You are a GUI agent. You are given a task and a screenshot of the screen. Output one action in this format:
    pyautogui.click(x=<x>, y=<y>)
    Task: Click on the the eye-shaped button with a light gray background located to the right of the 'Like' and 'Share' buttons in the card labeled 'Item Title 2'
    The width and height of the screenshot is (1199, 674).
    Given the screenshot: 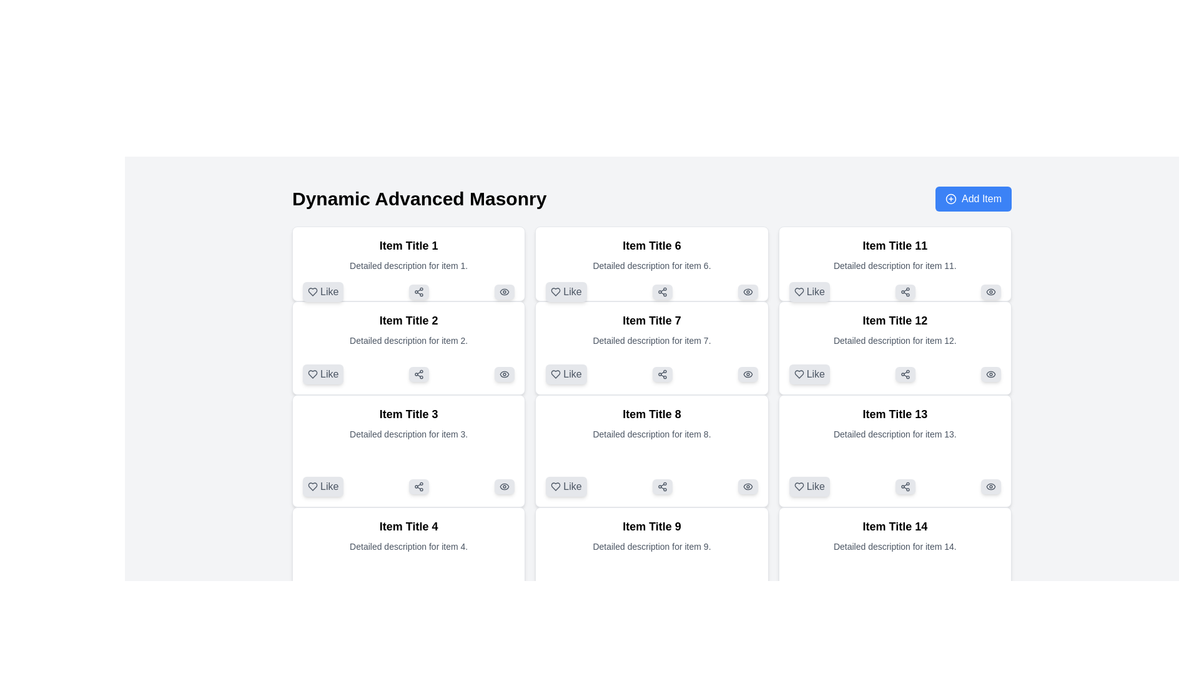 What is the action you would take?
    pyautogui.click(x=505, y=374)
    